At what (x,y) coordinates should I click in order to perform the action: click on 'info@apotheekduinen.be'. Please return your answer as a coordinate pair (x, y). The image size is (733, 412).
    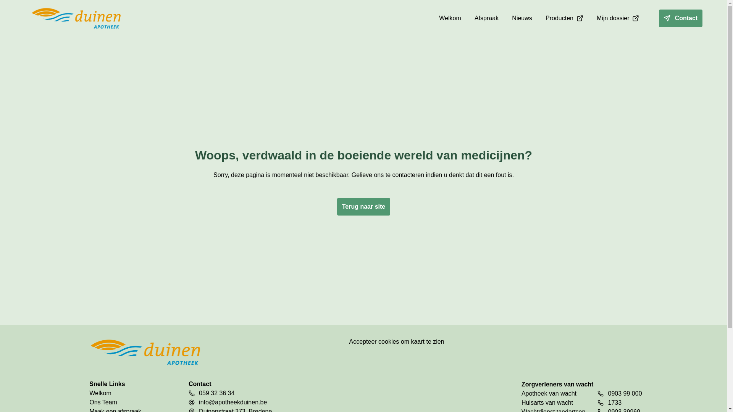
    Looking at the image, I should click on (232, 402).